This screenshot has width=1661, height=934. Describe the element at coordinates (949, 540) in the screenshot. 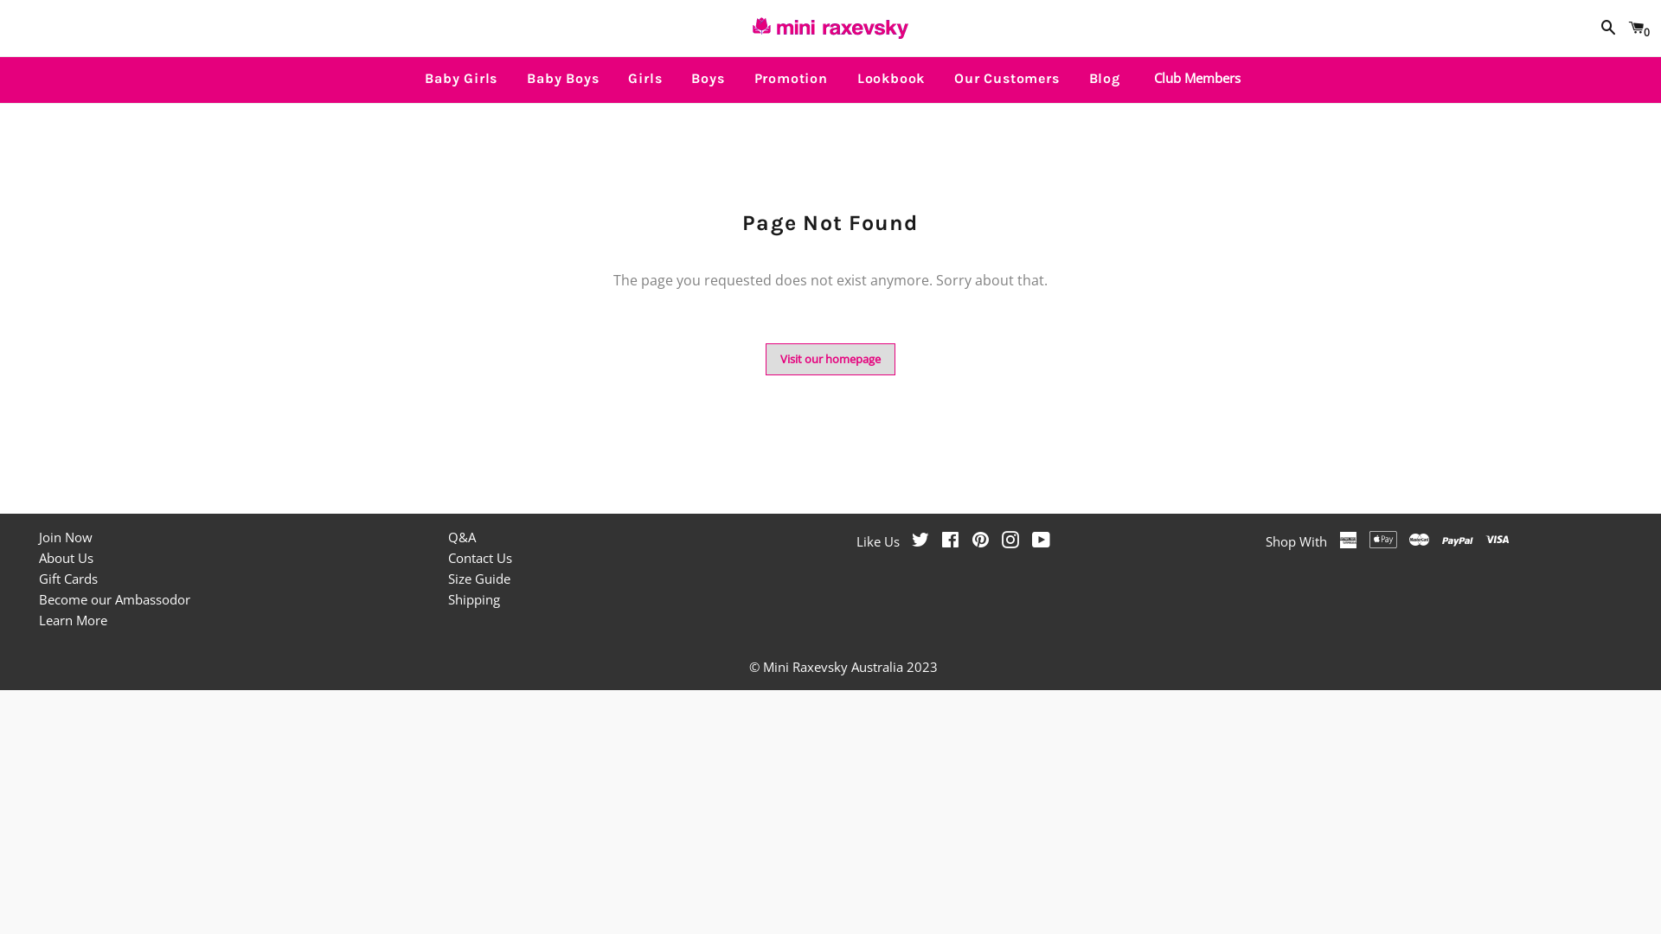

I see `'Facebook'` at that location.